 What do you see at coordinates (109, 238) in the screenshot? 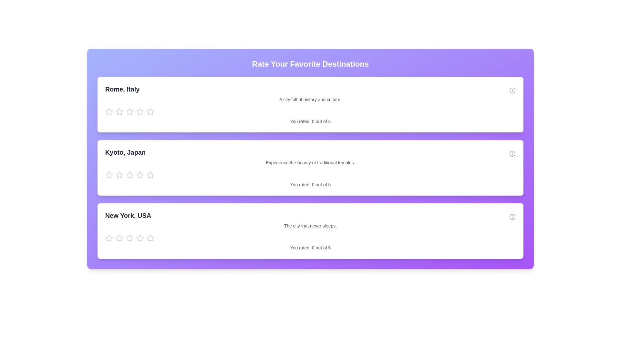
I see `the first star-shaped icon in the rating component to rate the 'New York, USA' card` at bounding box center [109, 238].